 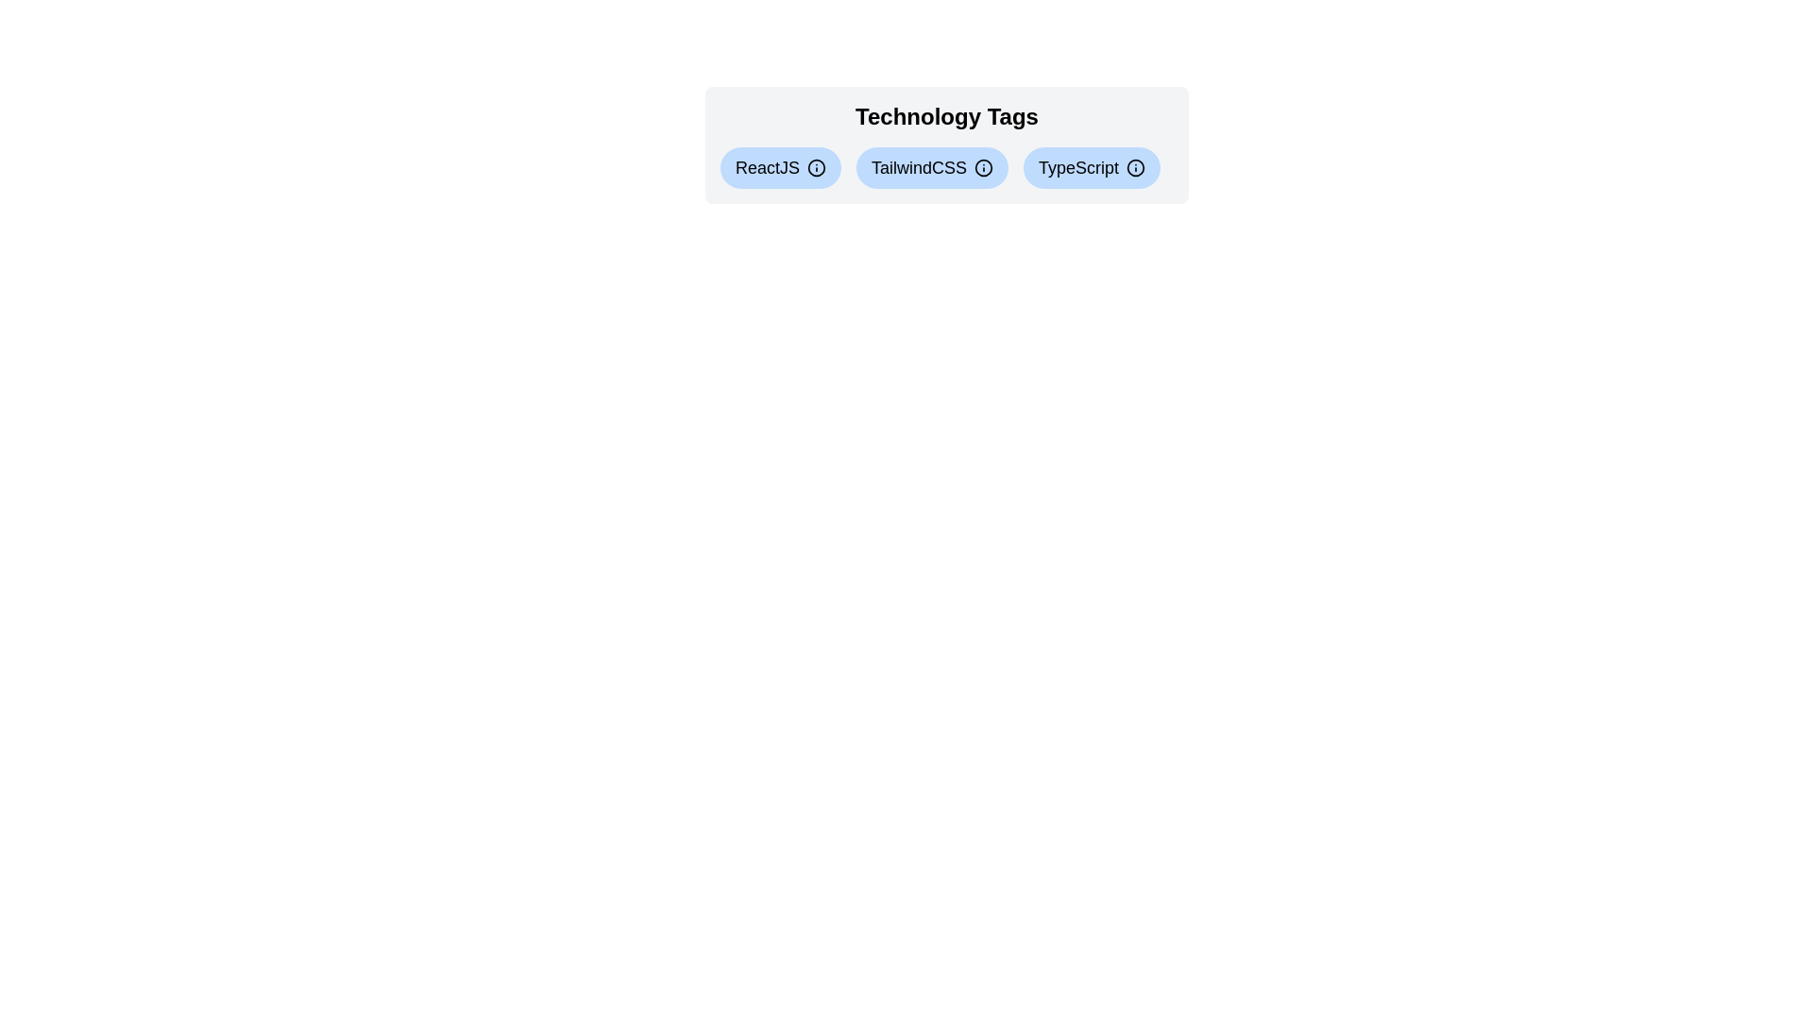 I want to click on the tag labeled TailwindCSS, so click(x=932, y=166).